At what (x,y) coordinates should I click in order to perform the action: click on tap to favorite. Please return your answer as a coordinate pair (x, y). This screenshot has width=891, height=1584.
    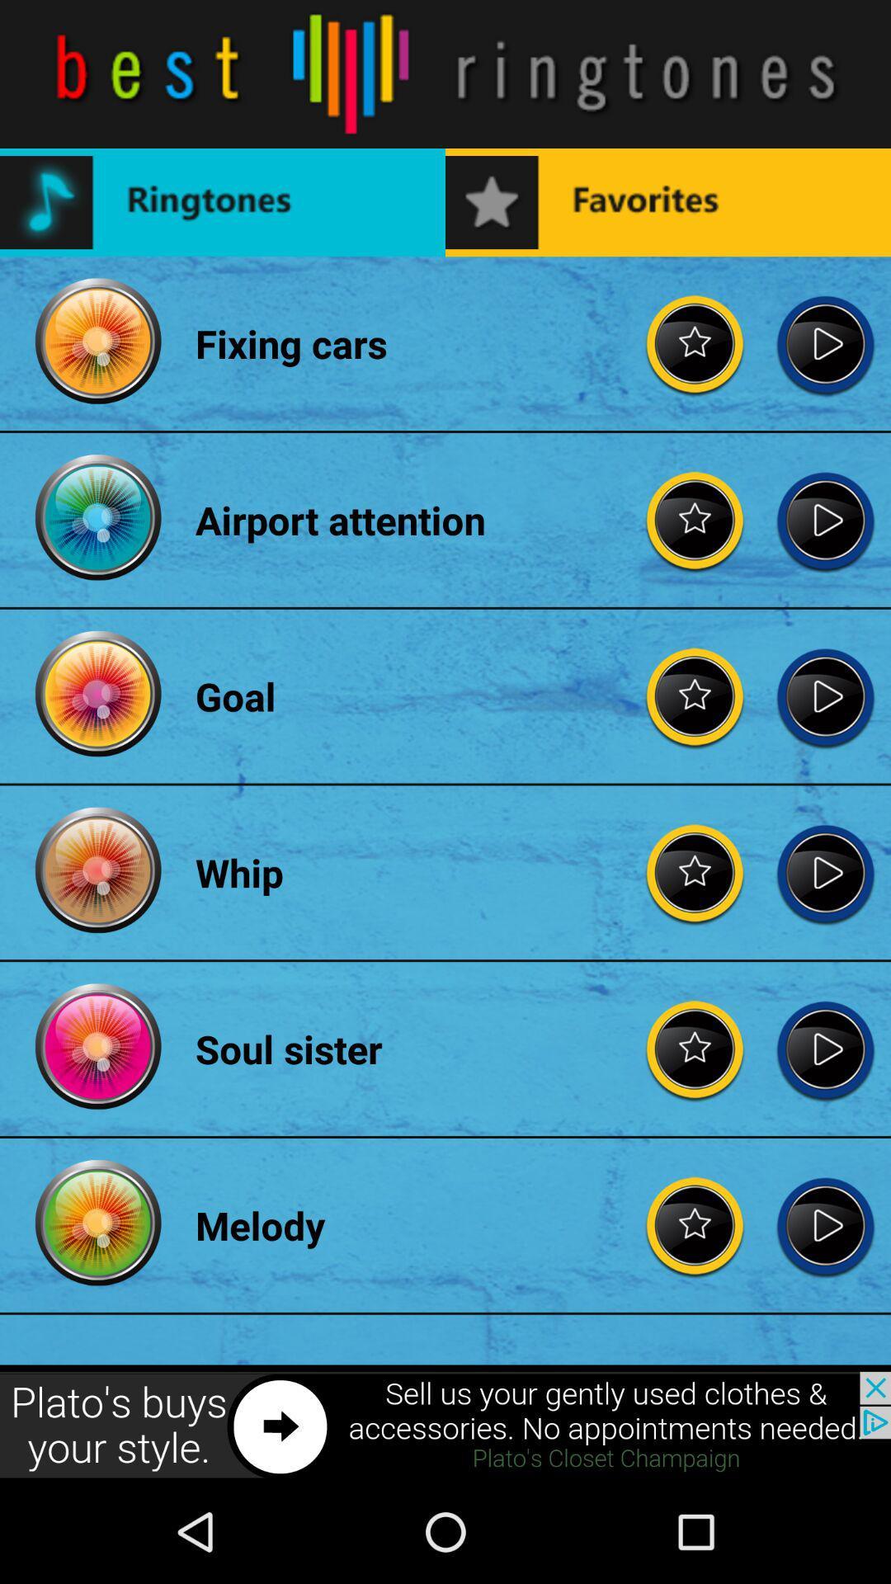
    Looking at the image, I should click on (695, 871).